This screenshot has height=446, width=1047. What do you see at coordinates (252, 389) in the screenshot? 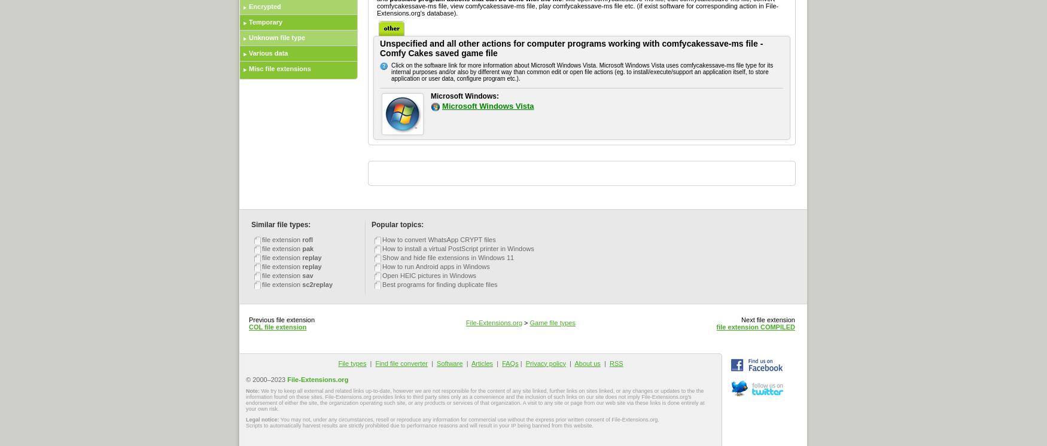
I see `'Note:'` at bounding box center [252, 389].